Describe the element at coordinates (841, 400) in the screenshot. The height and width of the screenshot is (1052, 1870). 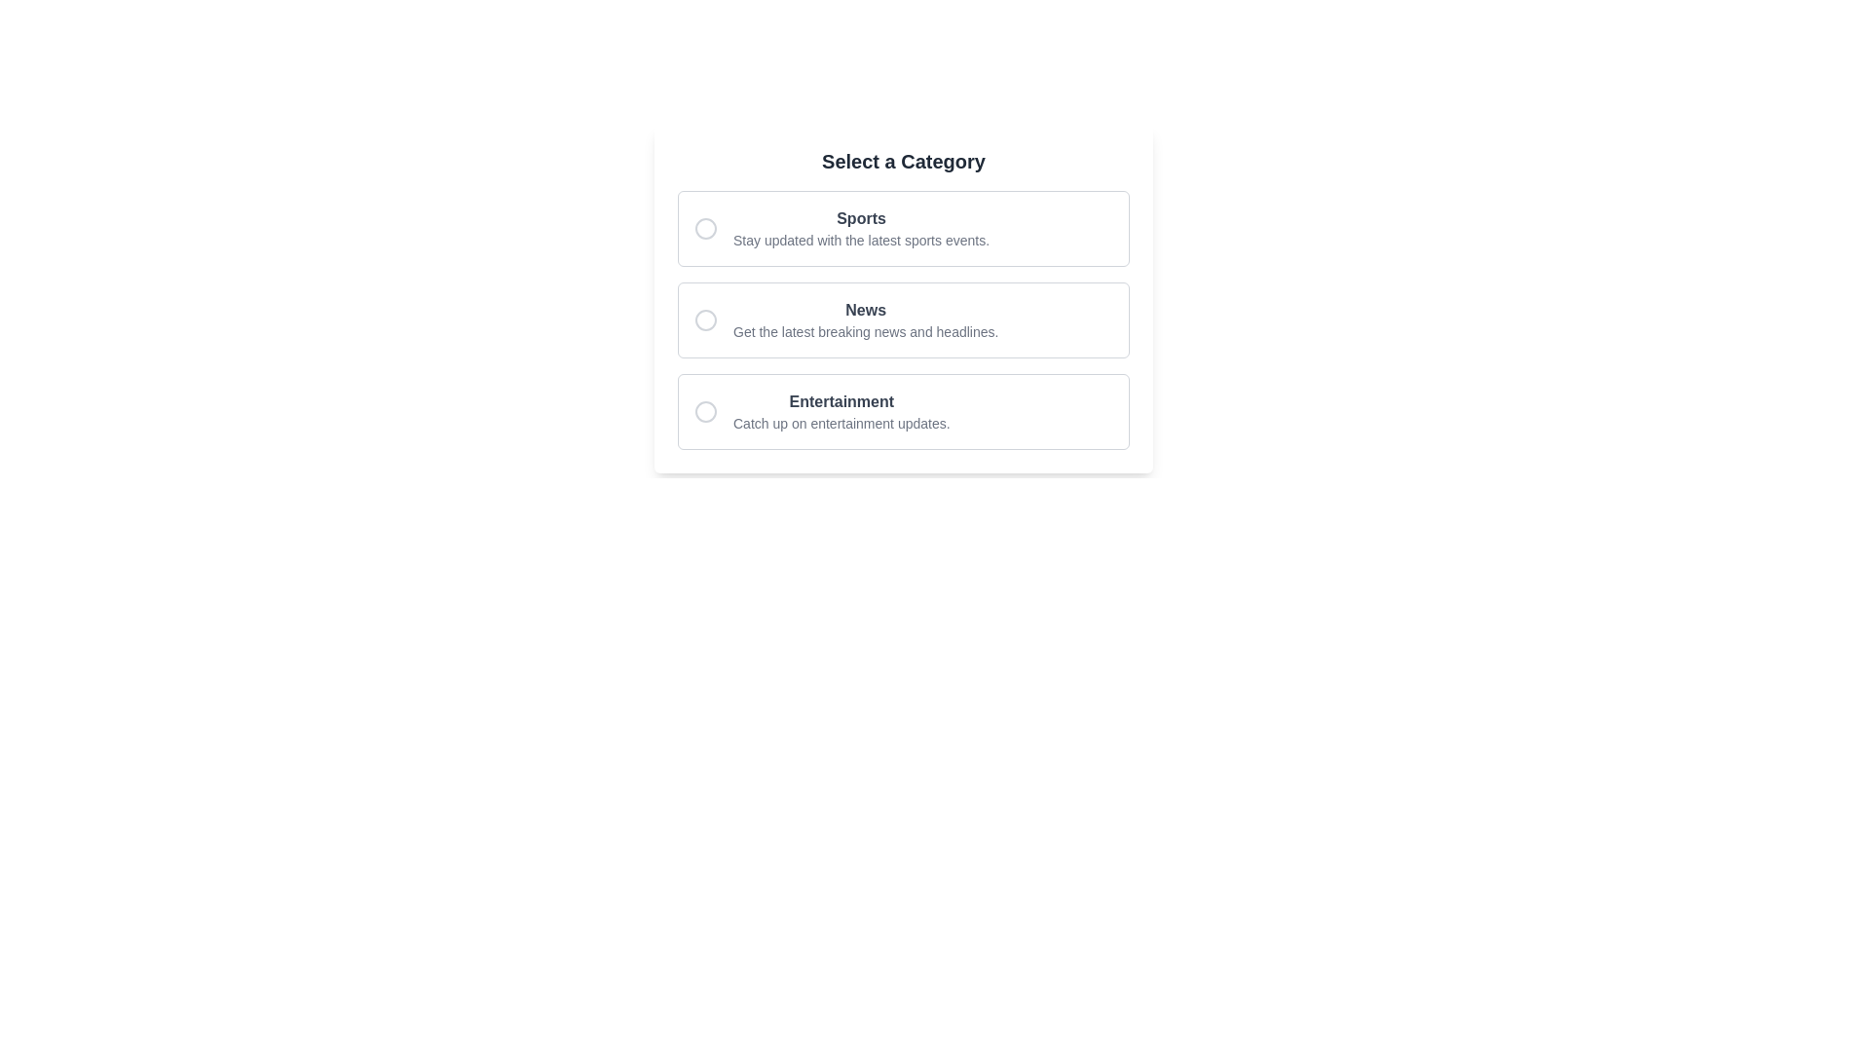
I see `the text label 'Entertainment' which is styled in bold dark gray font and located in the third category box under 'Select a Category'` at that location.